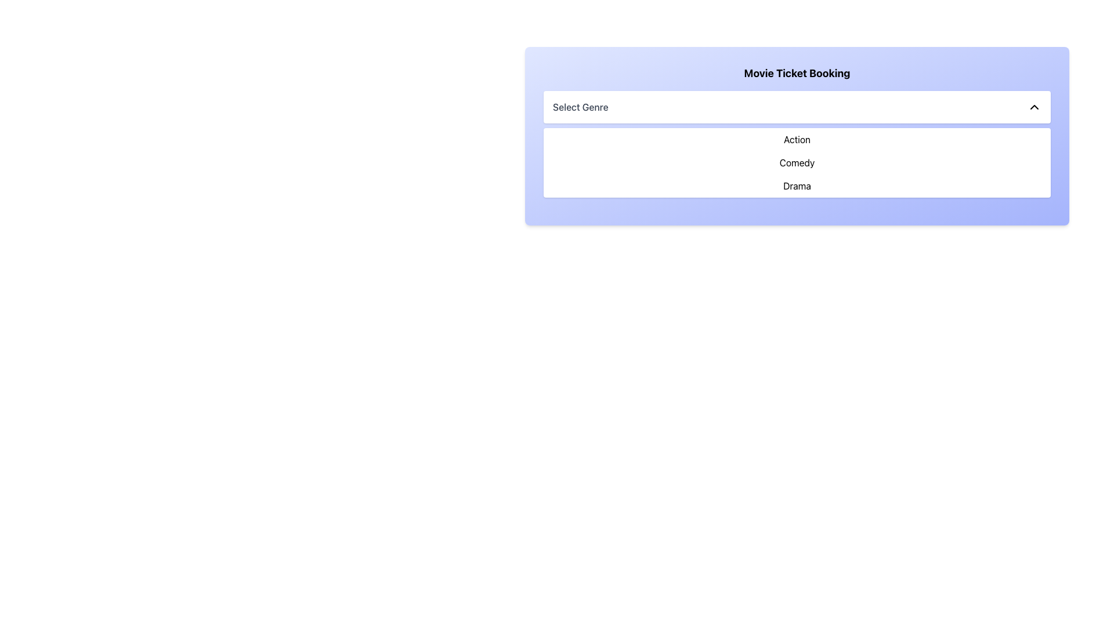  What do you see at coordinates (796, 107) in the screenshot?
I see `the white rectangular dropdown selector labeled 'Select Genre' to focus on it` at bounding box center [796, 107].